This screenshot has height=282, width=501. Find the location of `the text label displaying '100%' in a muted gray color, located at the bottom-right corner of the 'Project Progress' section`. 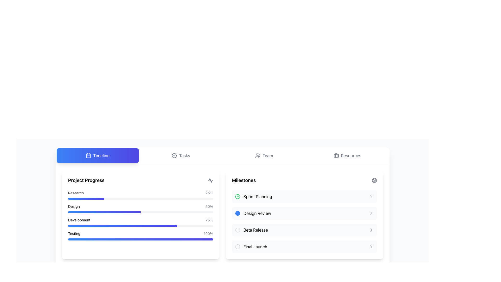

the text label displaying '100%' in a muted gray color, located at the bottom-right corner of the 'Project Progress' section is located at coordinates (208, 233).